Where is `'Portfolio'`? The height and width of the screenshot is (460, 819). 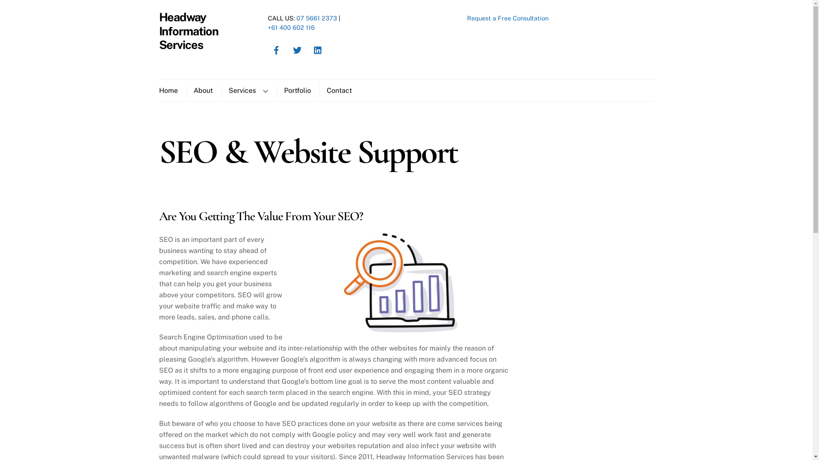 'Portfolio' is located at coordinates (276, 90).